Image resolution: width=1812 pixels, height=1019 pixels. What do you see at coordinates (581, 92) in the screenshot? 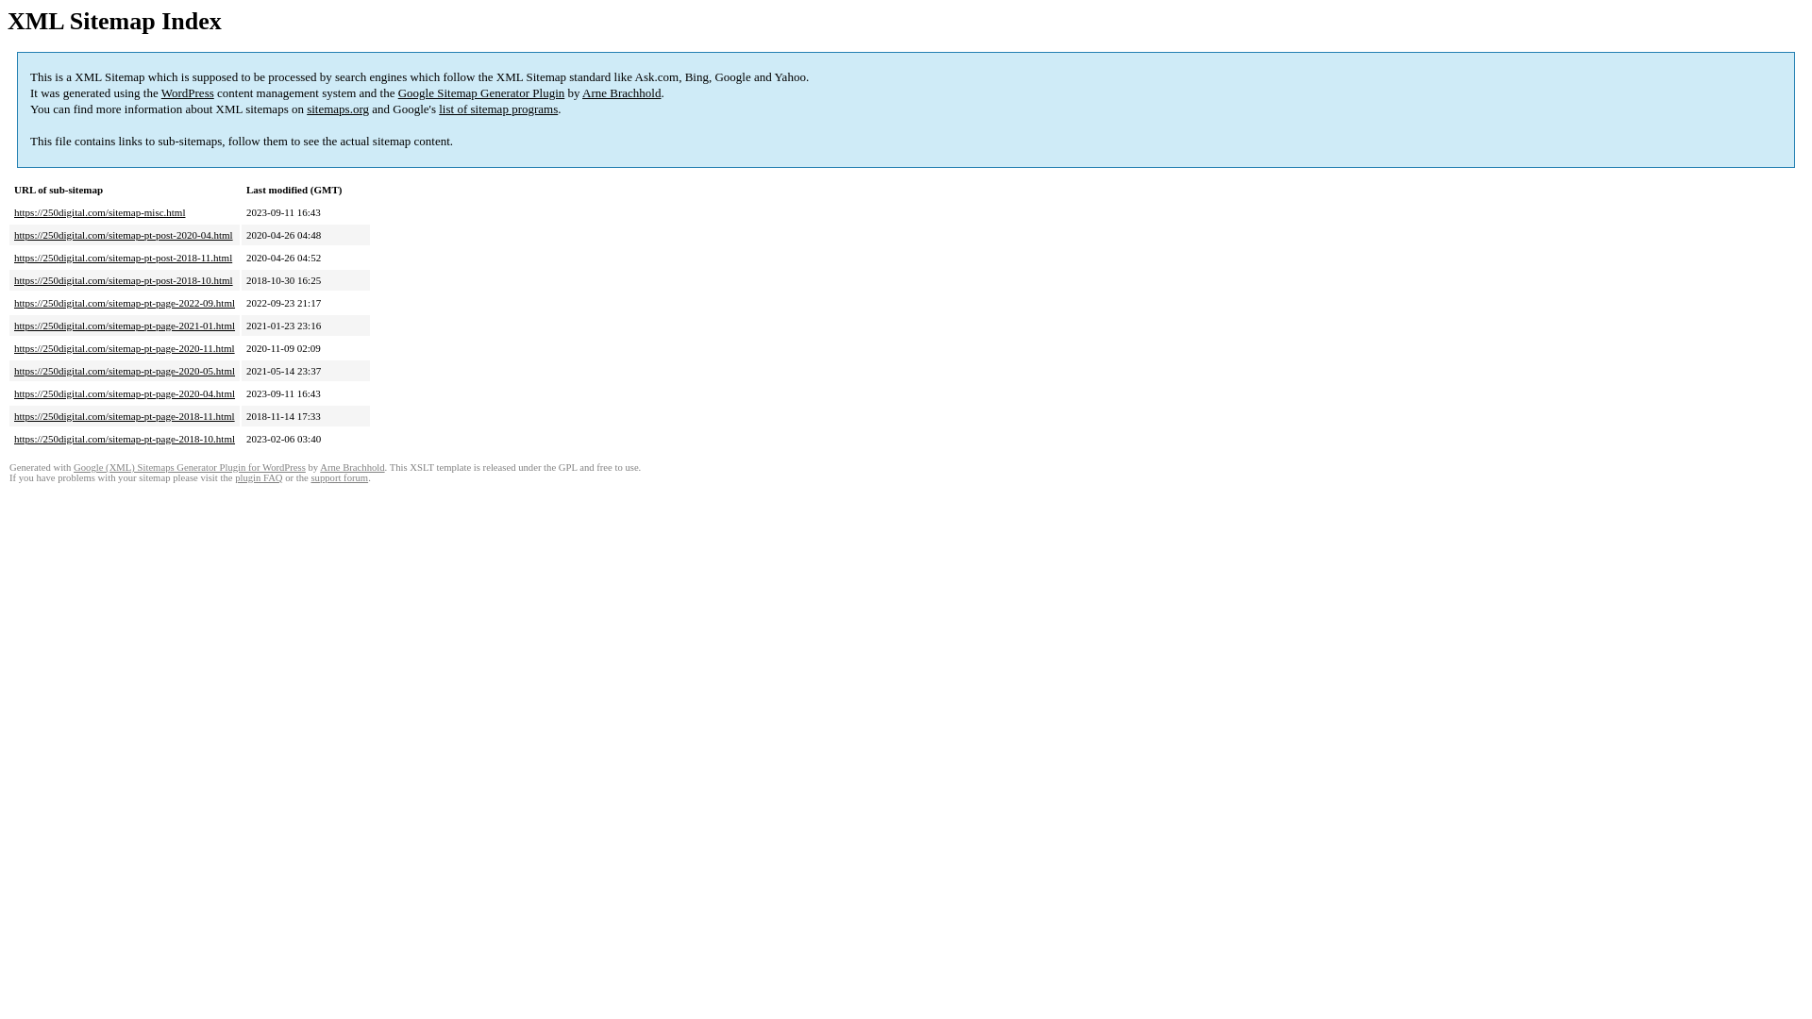
I see `'Arne Brachhold'` at bounding box center [581, 92].